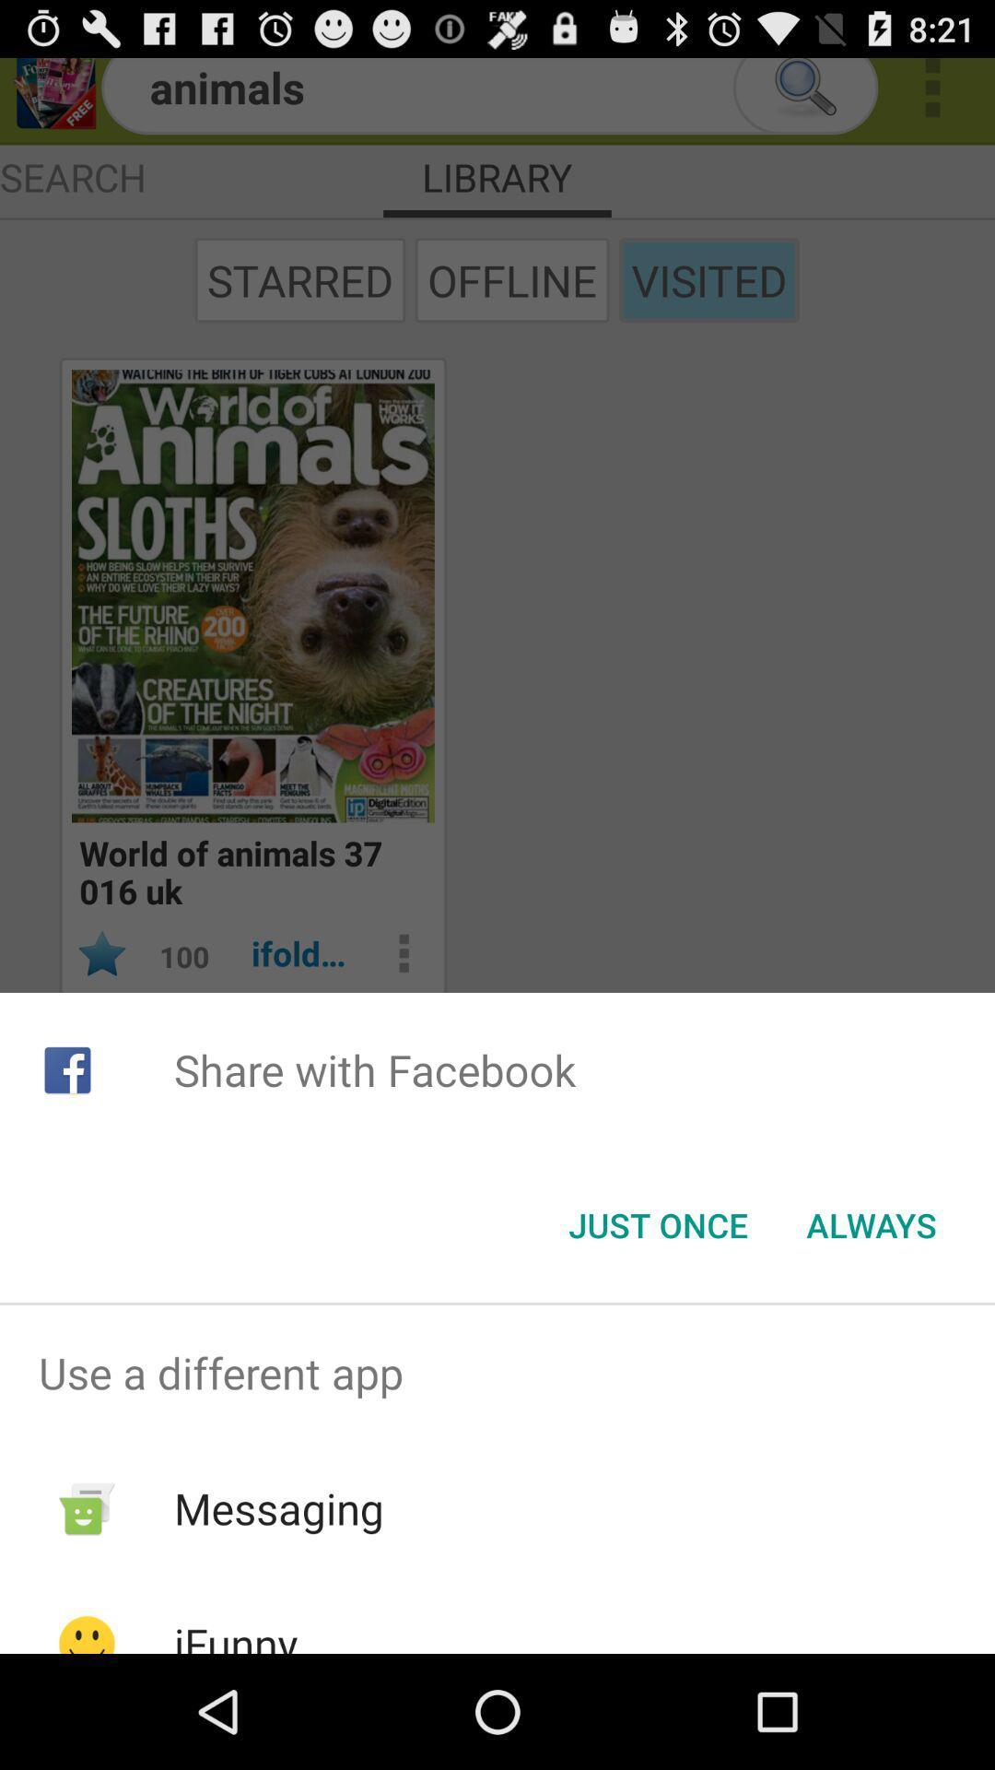 The image size is (995, 1770). What do you see at coordinates (497, 1373) in the screenshot?
I see `use a different app` at bounding box center [497, 1373].